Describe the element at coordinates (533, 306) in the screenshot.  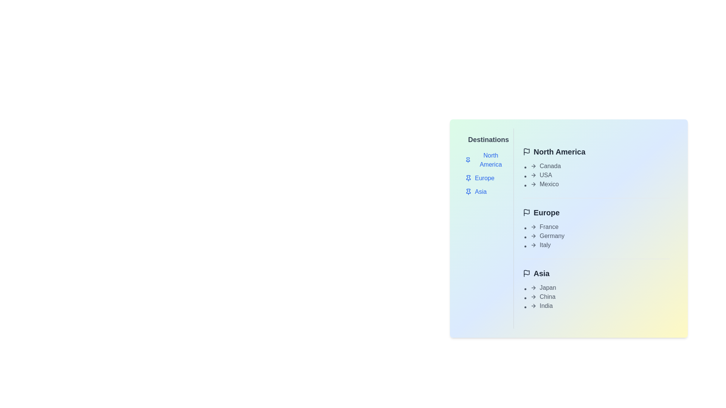
I see `the arrow icon located to the left of the 'India' link within the 'Asia' section` at that location.